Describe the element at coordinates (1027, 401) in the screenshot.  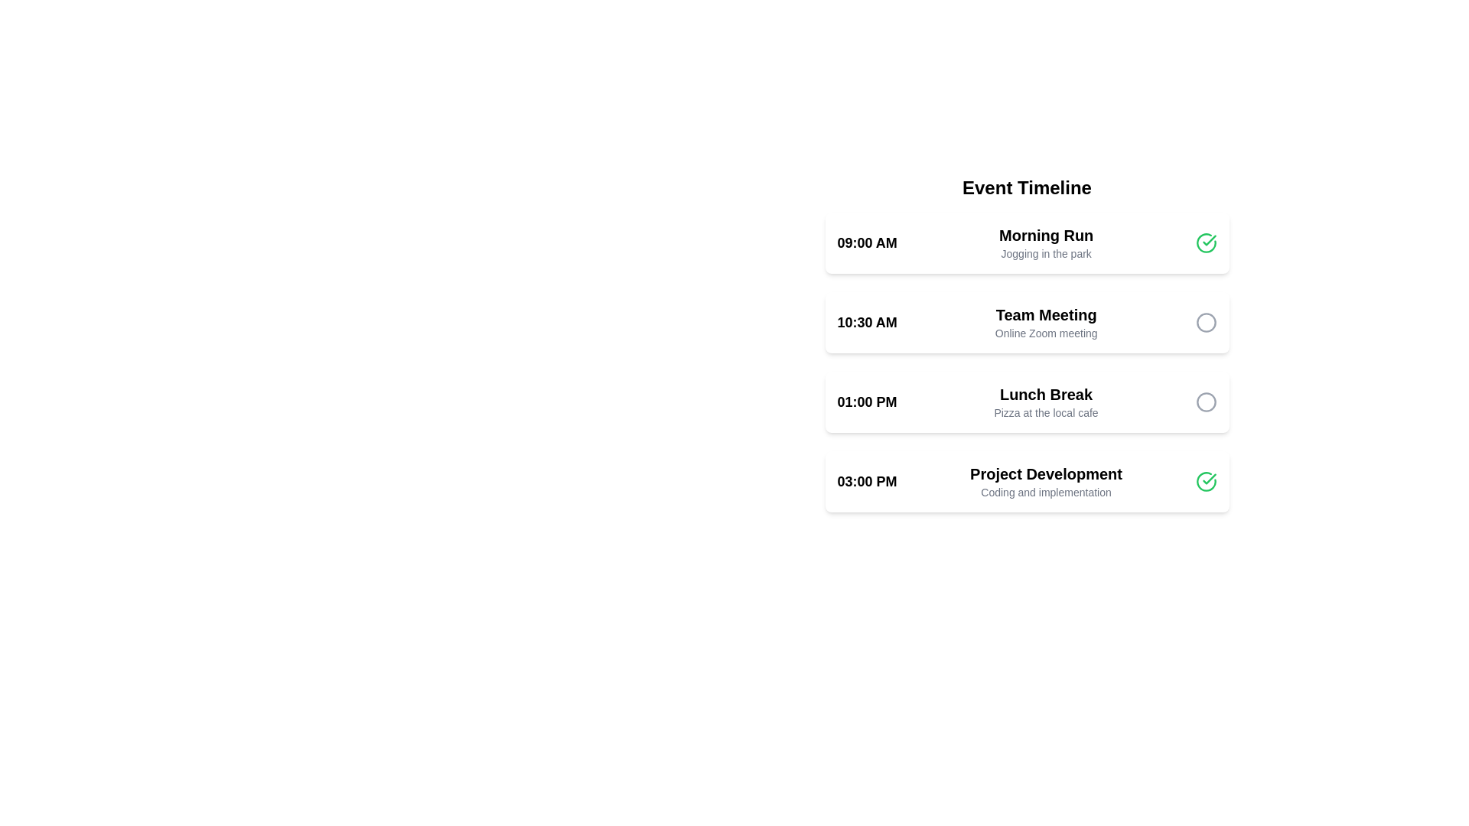
I see `on the text of the third card in the vertical list of events, which is located between the 'Team Meeting' card and the 'Project Development' card` at that location.